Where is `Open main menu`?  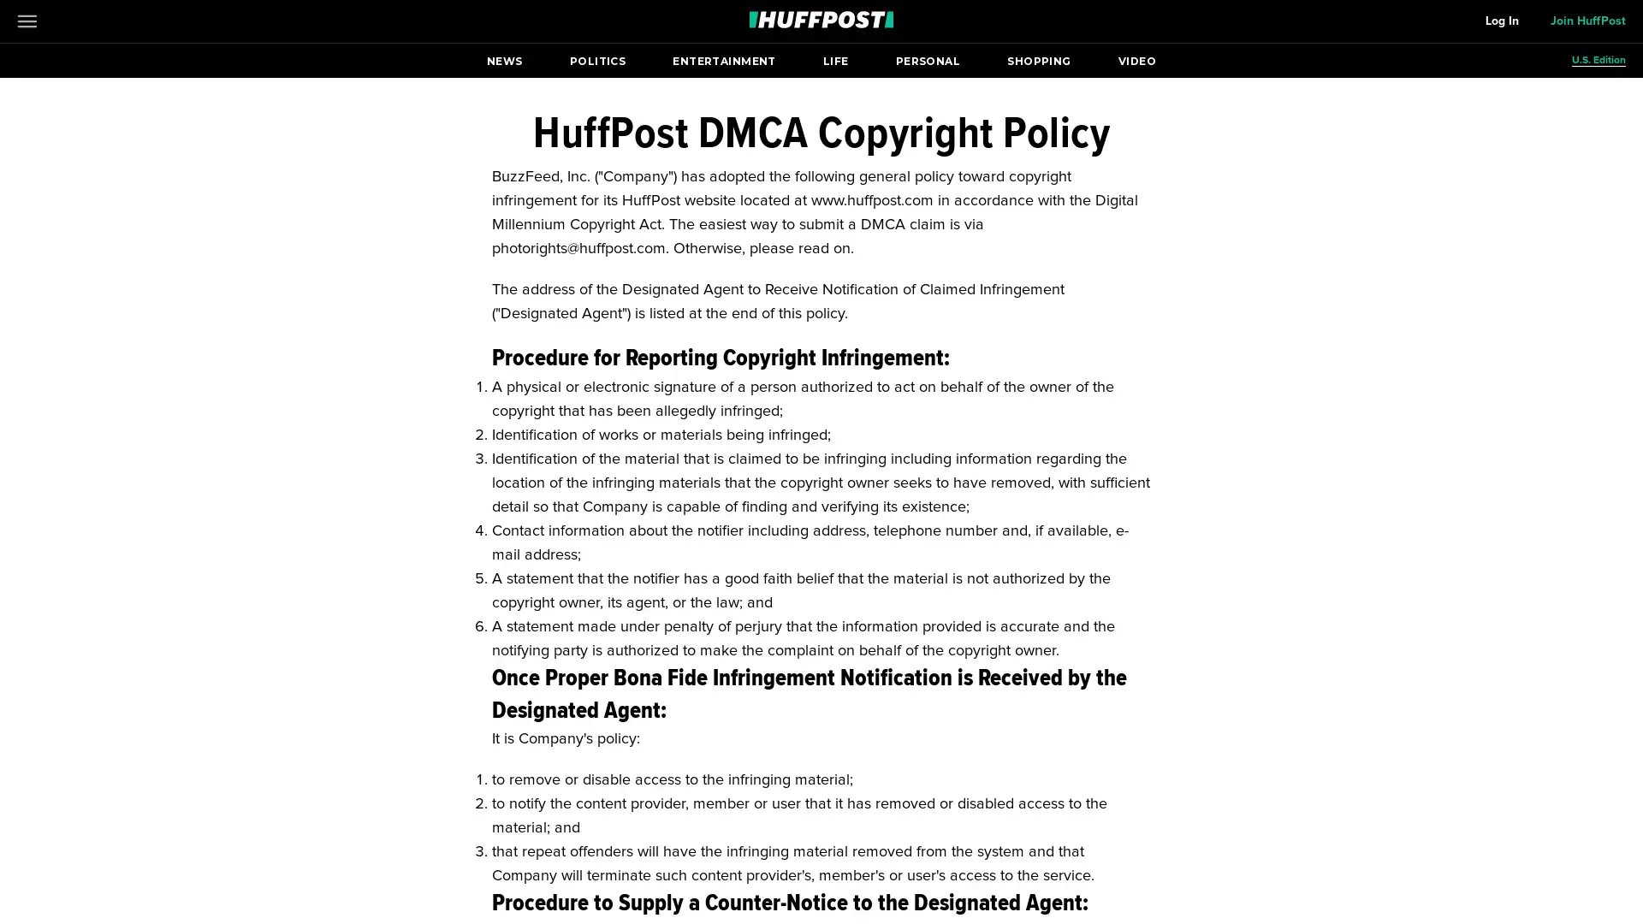
Open main menu is located at coordinates (27, 21).